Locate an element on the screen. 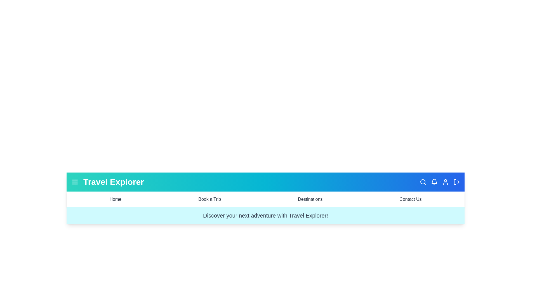  the notification icon is located at coordinates (434, 182).